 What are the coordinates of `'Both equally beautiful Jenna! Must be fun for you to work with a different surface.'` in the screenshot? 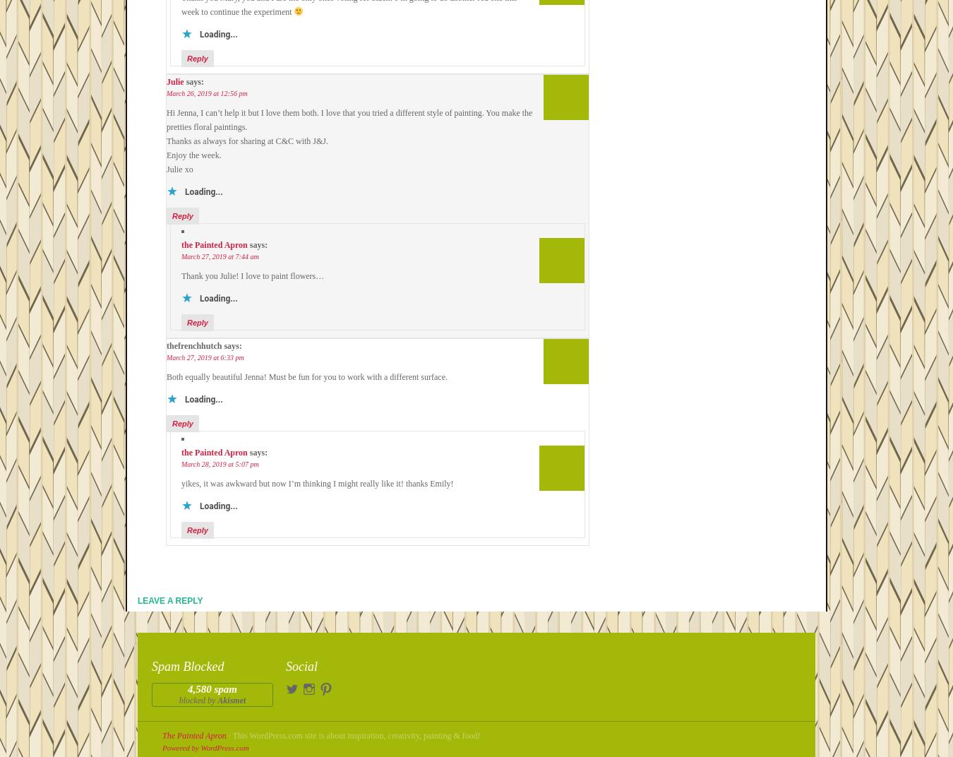 It's located at (306, 376).